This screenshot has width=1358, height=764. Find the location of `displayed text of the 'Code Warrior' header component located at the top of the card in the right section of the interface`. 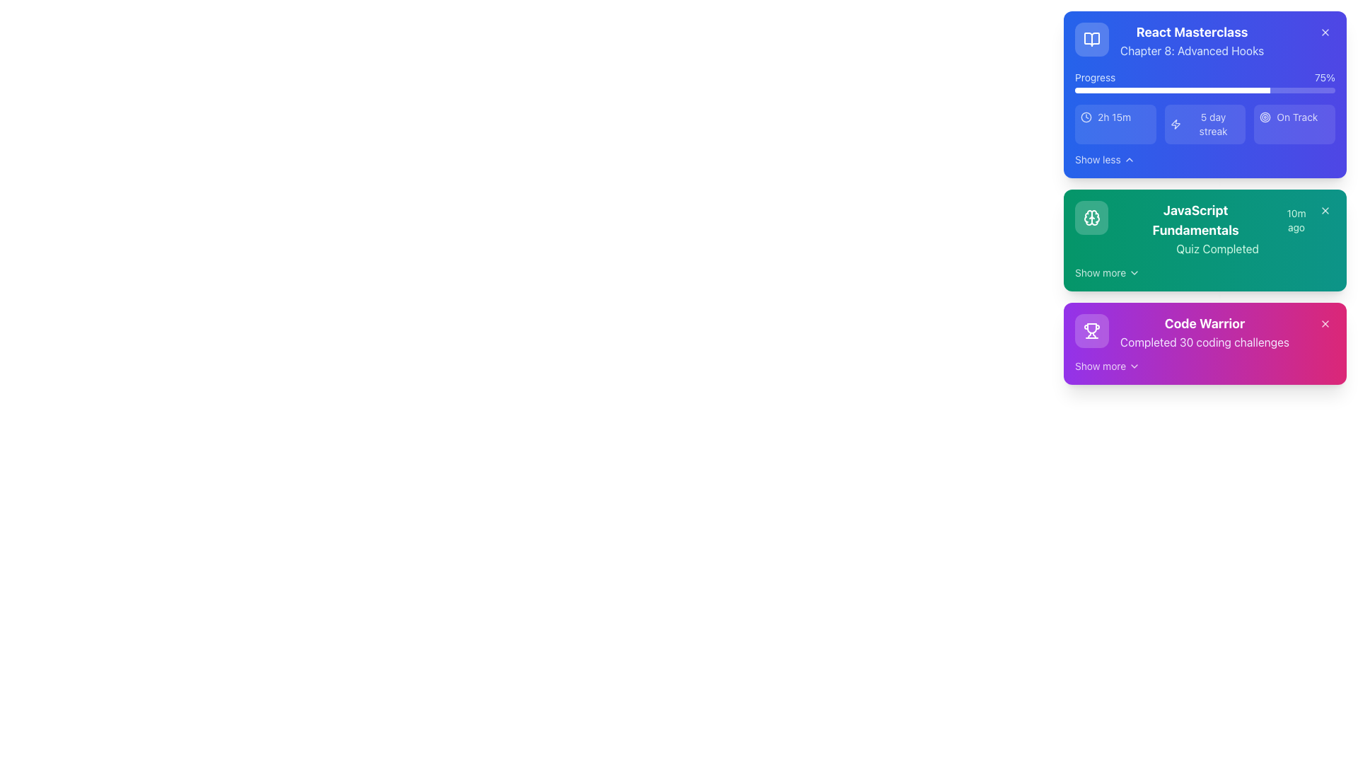

displayed text of the 'Code Warrior' header component located at the top of the card in the right section of the interface is located at coordinates (1204, 324).